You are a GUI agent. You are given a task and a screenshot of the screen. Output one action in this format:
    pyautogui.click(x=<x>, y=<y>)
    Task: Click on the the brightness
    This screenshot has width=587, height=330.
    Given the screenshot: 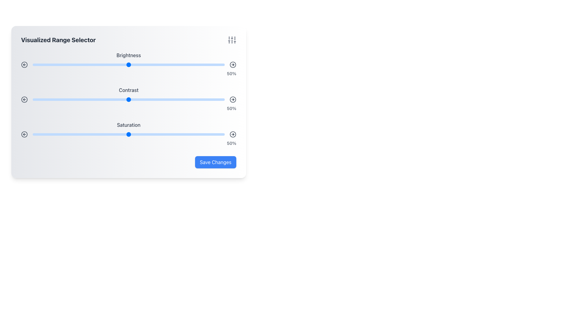 What is the action you would take?
    pyautogui.click(x=71, y=65)
    